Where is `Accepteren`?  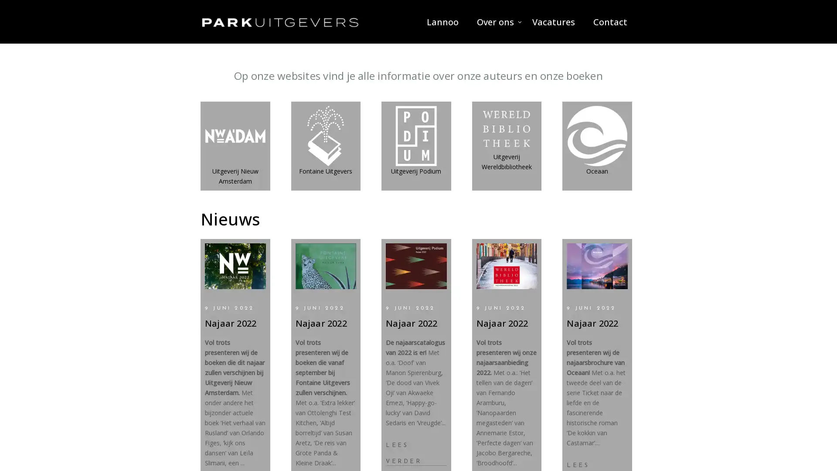 Accepteren is located at coordinates (345, 266).